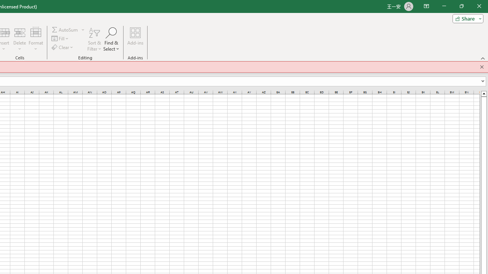  I want to click on 'Fill', so click(60, 38).